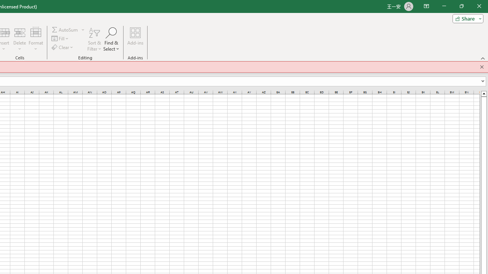  I want to click on 'Fill', so click(60, 38).